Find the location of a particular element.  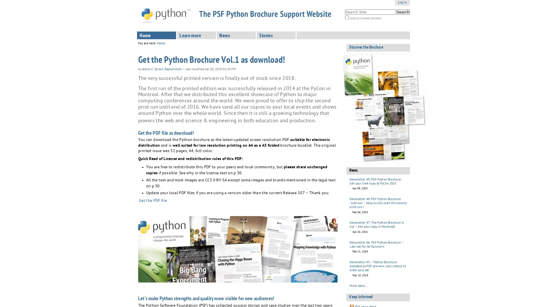

Search is located at coordinates (403, 12).